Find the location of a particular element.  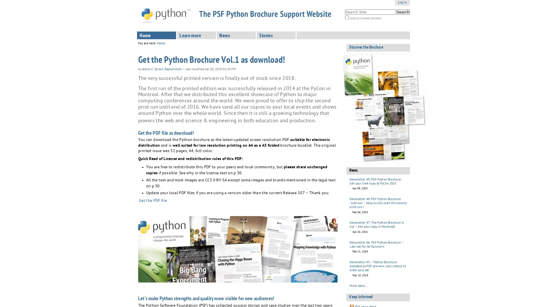

Search is located at coordinates (403, 12).